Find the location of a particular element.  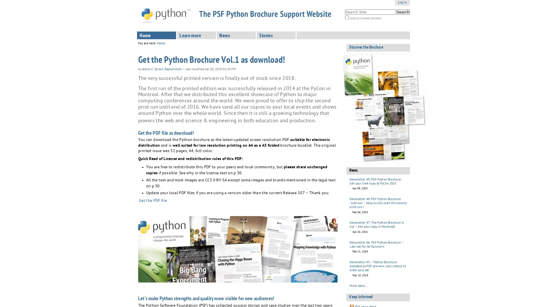

Search is located at coordinates (403, 12).